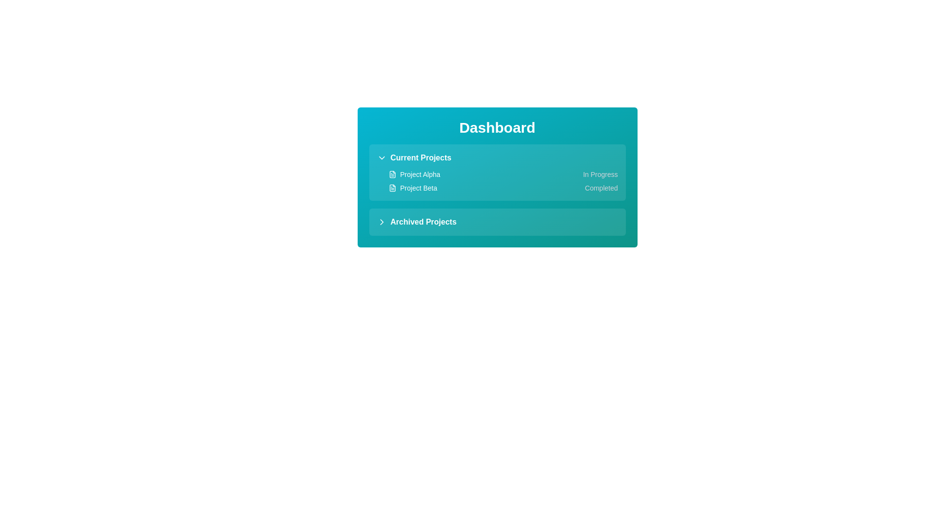  I want to click on the 'Archived Projects' text label, so click(423, 222).